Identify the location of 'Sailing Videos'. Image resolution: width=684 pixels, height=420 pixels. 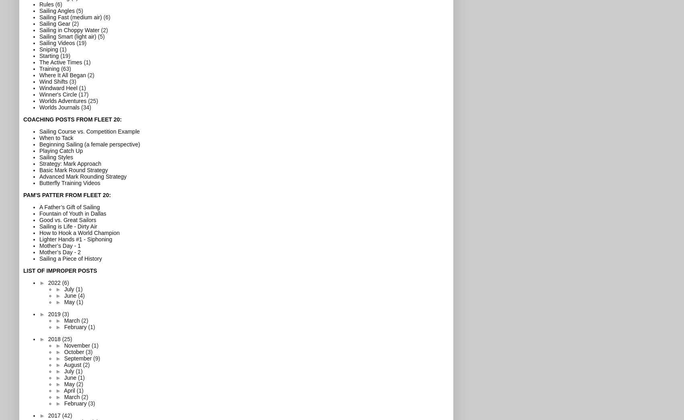
(57, 42).